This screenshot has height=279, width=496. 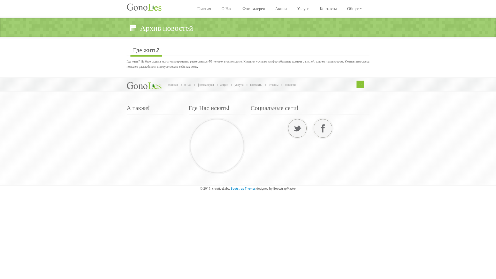 What do you see at coordinates (243, 188) in the screenshot?
I see `'Bootstrap Themes'` at bounding box center [243, 188].